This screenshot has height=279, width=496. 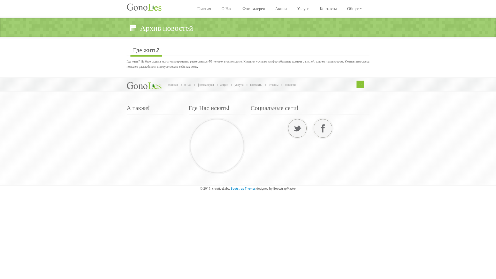 What do you see at coordinates (243, 188) in the screenshot?
I see `'Bootstrap Themes'` at bounding box center [243, 188].